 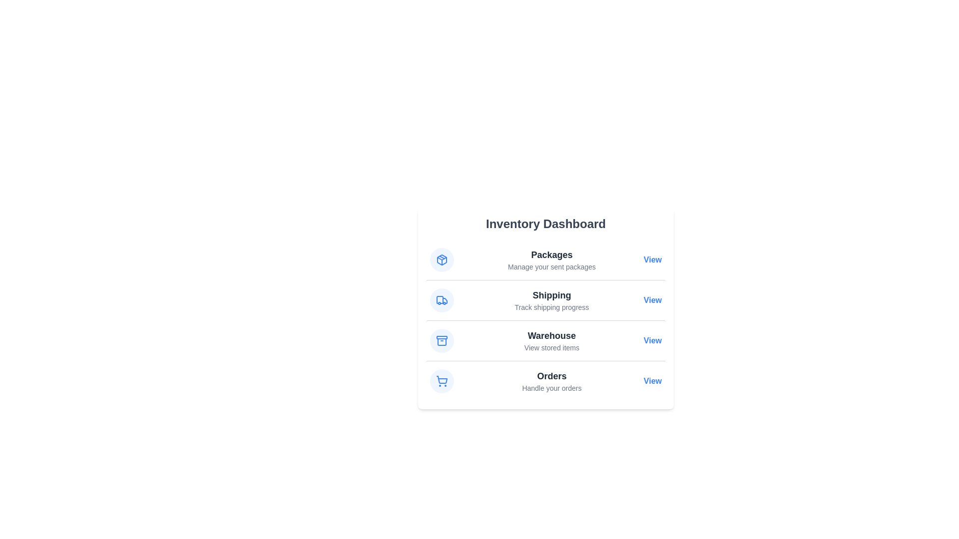 I want to click on the list item corresponding to Orders, so click(x=545, y=381).